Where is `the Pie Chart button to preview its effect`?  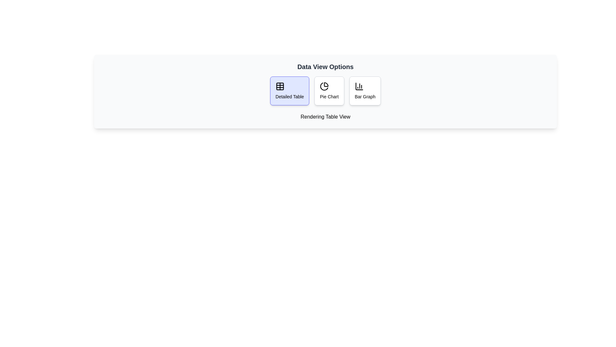
the Pie Chart button to preview its effect is located at coordinates (329, 91).